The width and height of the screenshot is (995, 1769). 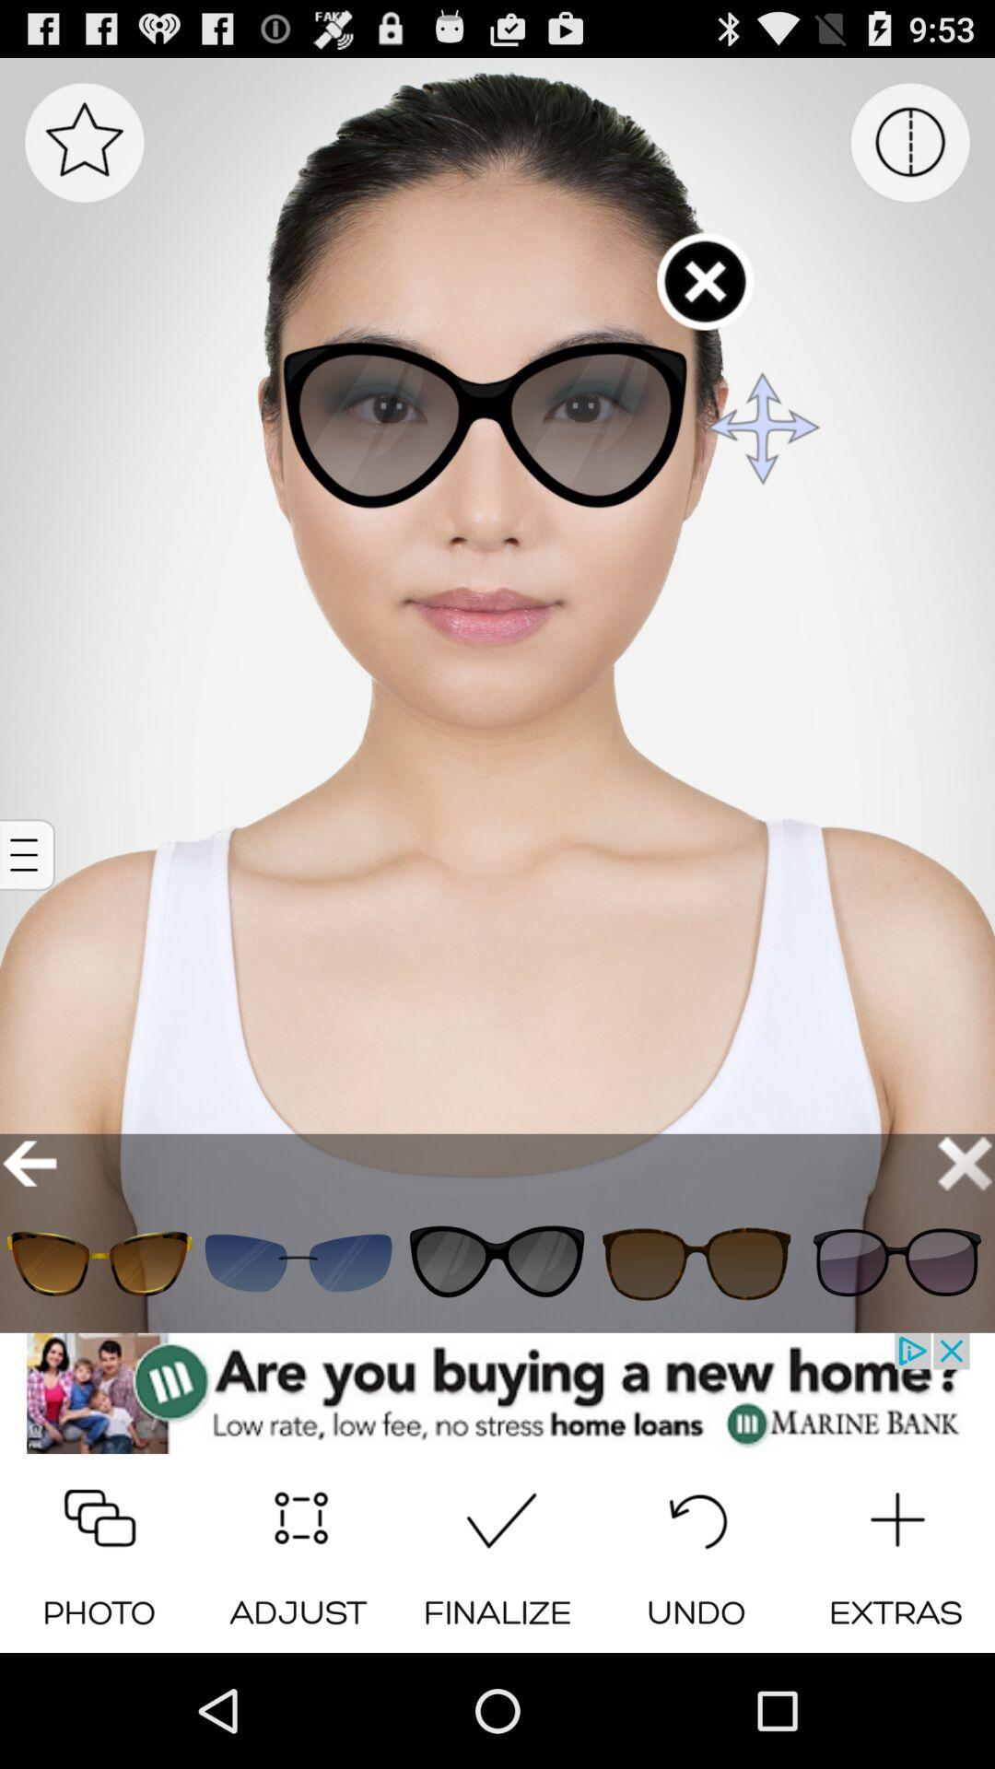 I want to click on the menu icon, so click(x=29, y=915).